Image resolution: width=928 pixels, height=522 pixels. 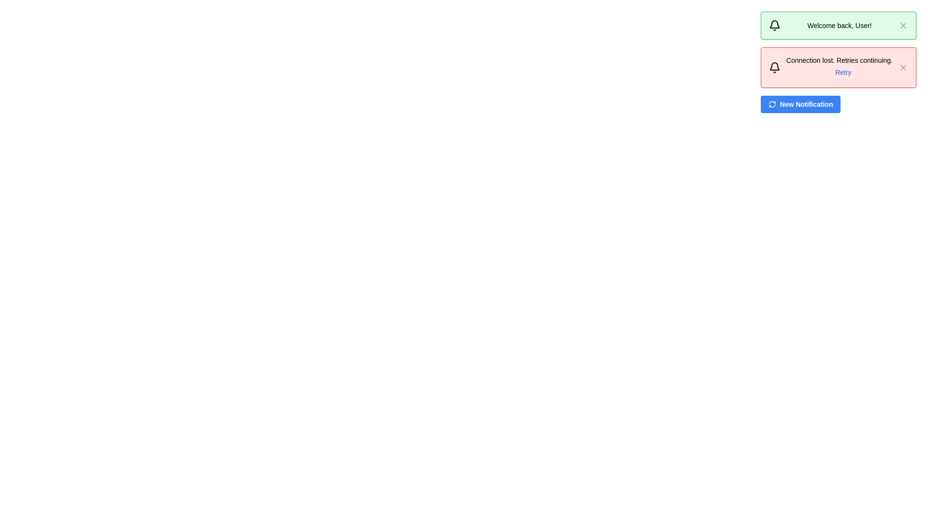 I want to click on the retry connection button located in the second notification card below the green notification titled 'Welcome back, User!' to observe any hover effects, so click(x=838, y=67).